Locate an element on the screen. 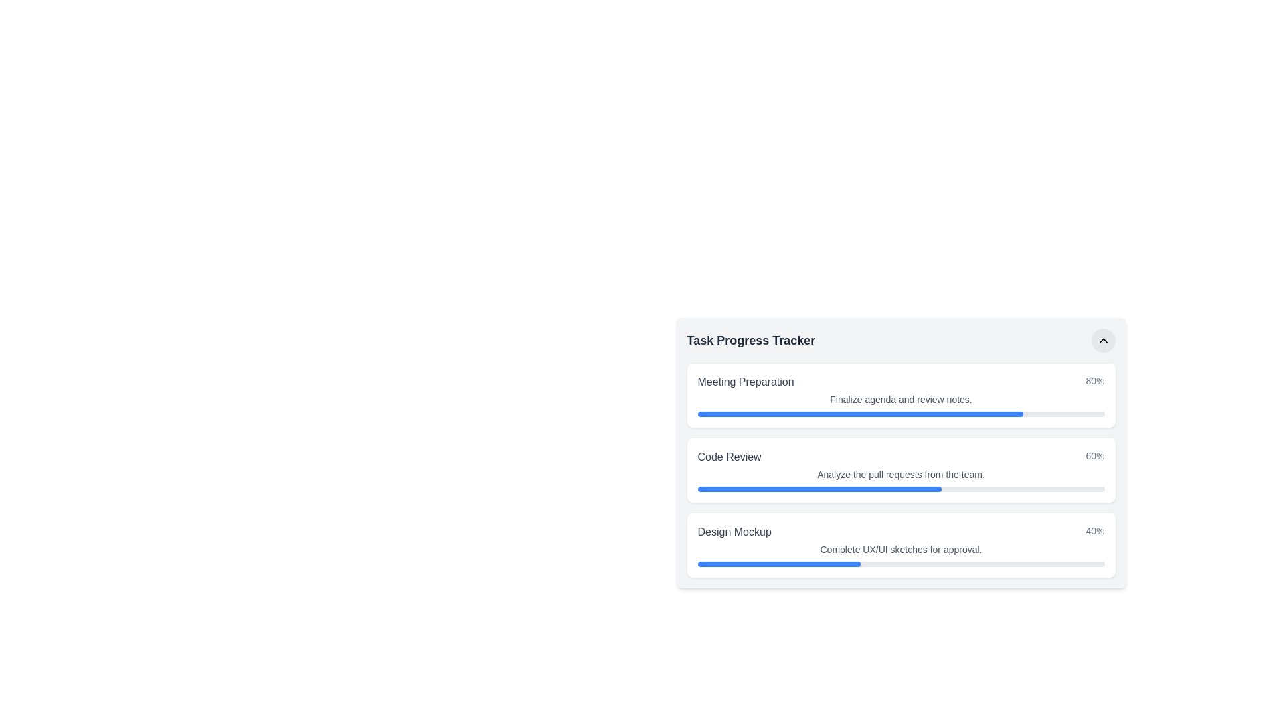  the progress bar representing 60% completion of the 'Code Review' task located in the 'Task Progress Tracker' list, below the text 'Analyze the pull requests from the team' is located at coordinates (901, 489).